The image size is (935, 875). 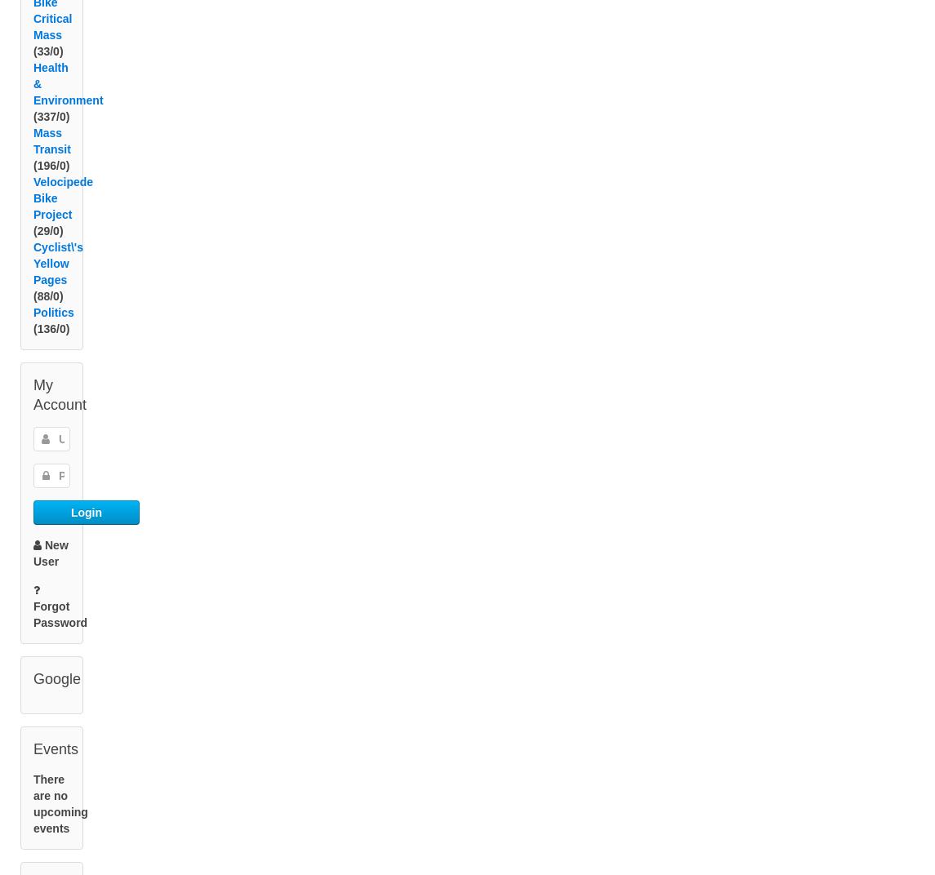 What do you see at coordinates (52, 37) in the screenshot?
I see `'Bike Critical Mass'` at bounding box center [52, 37].